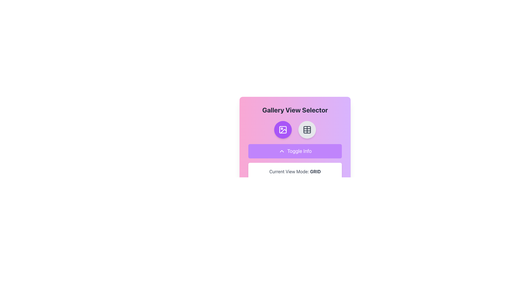 The height and width of the screenshot is (297, 528). What do you see at coordinates (295, 130) in the screenshot?
I see `the right button of the button group labeled 'Gallery View Selector'` at bounding box center [295, 130].